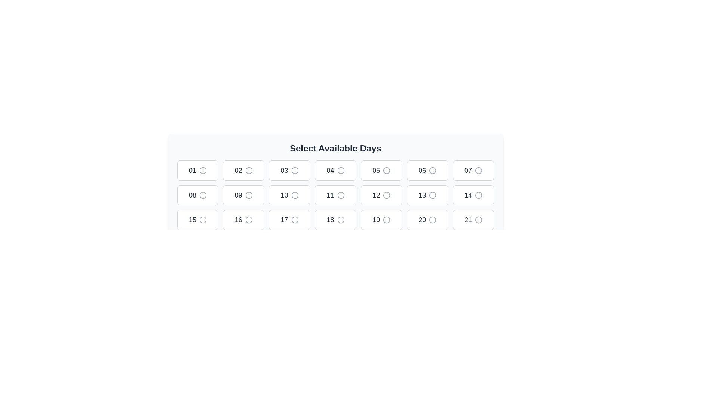  I want to click on the radio button located adjacent to the numerical text '10' in the grid layout, so click(294, 195).